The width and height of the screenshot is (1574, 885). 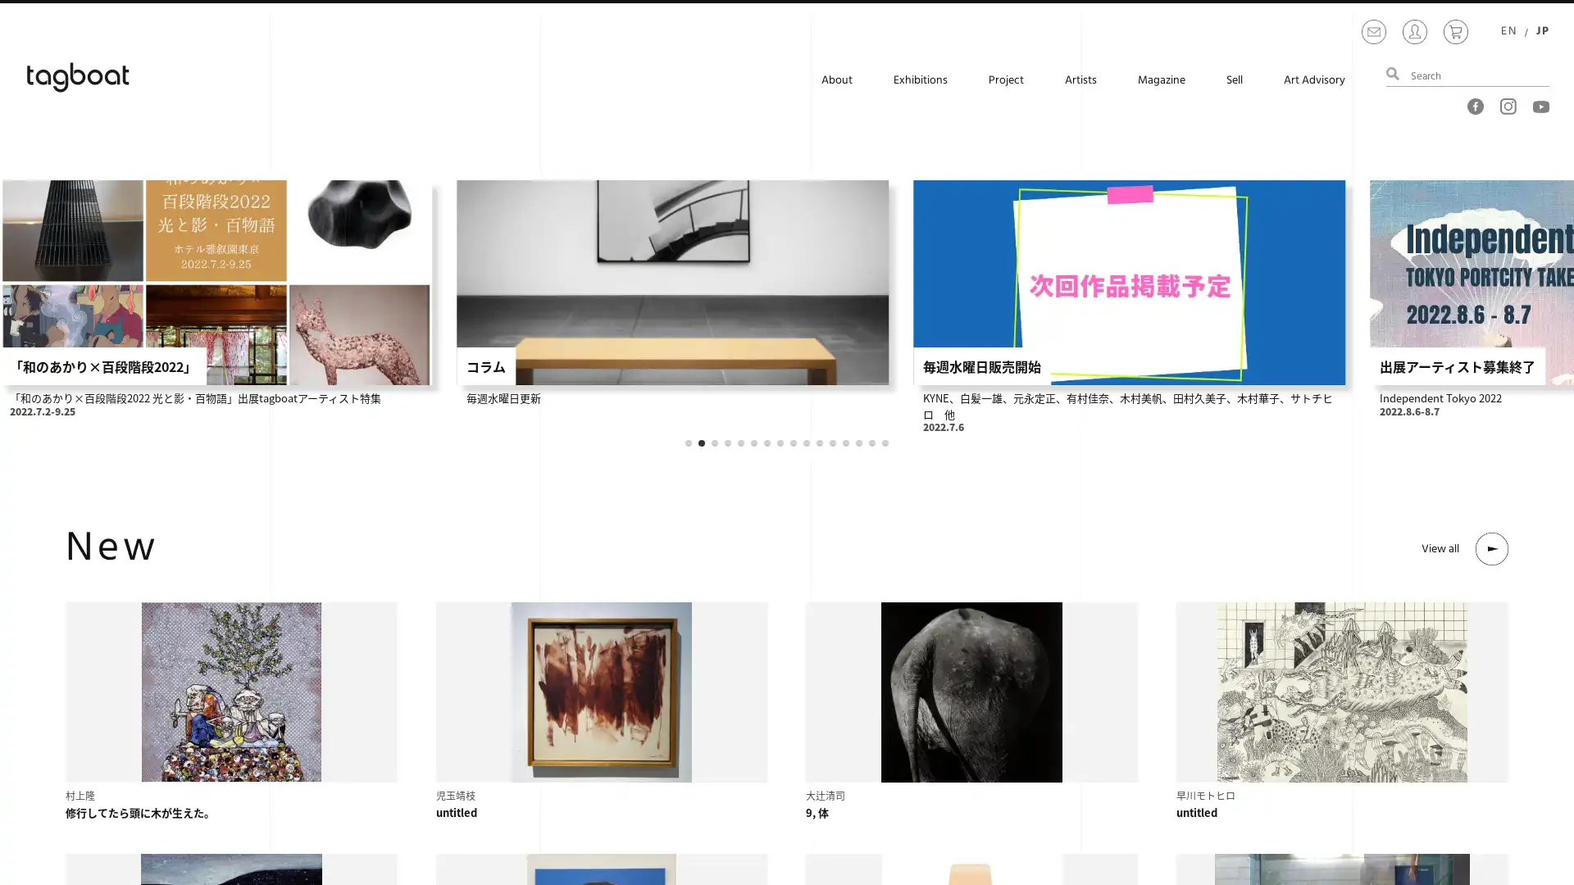 What do you see at coordinates (701, 442) in the screenshot?
I see `Go to slide 2` at bounding box center [701, 442].